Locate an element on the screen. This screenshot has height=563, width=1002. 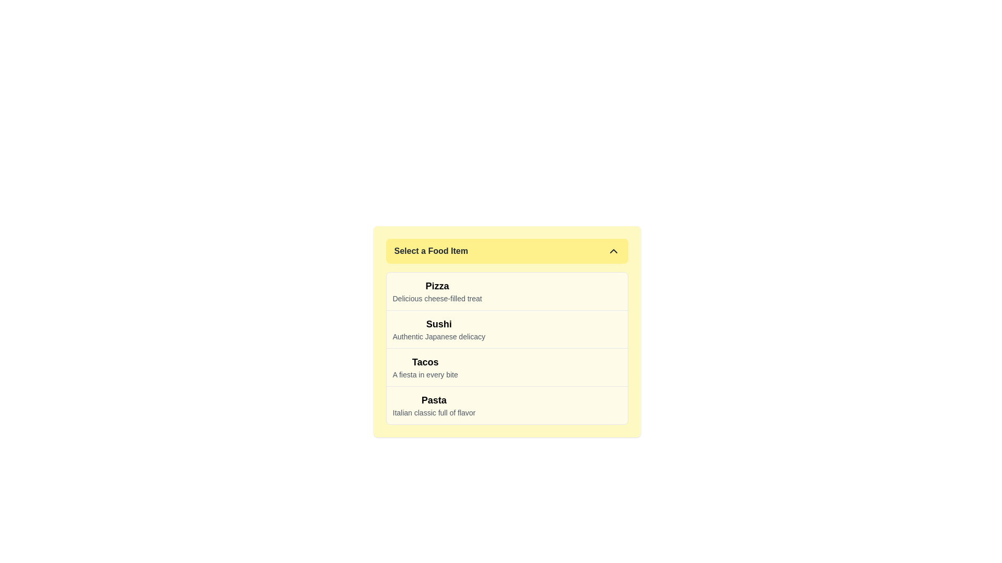
the Label that describes the food item 'Pasta' in the dropdown menu, which is positioned directly below 'Tacos' is located at coordinates (434, 405).